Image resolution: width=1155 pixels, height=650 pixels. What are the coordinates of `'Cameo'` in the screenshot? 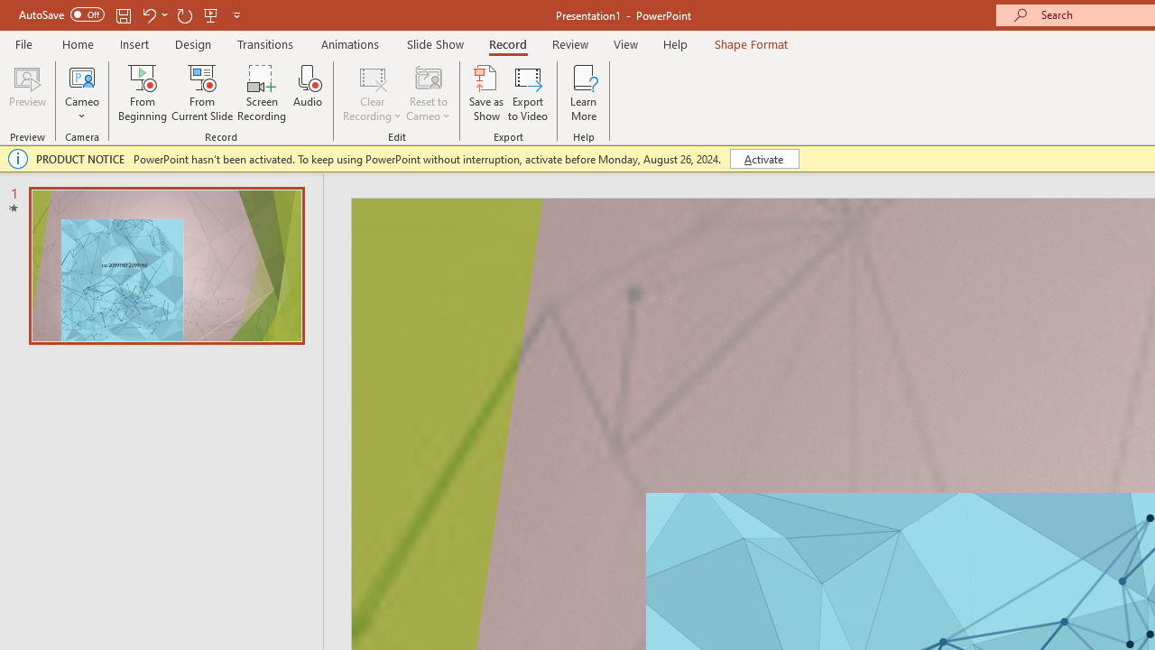 It's located at (81, 76).